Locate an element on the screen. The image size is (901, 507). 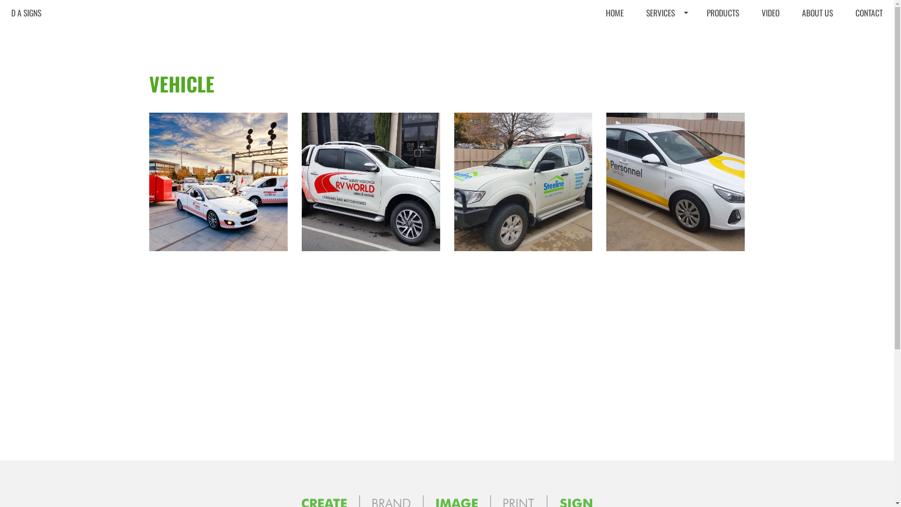
'PRODUCTS' is located at coordinates (722, 13).